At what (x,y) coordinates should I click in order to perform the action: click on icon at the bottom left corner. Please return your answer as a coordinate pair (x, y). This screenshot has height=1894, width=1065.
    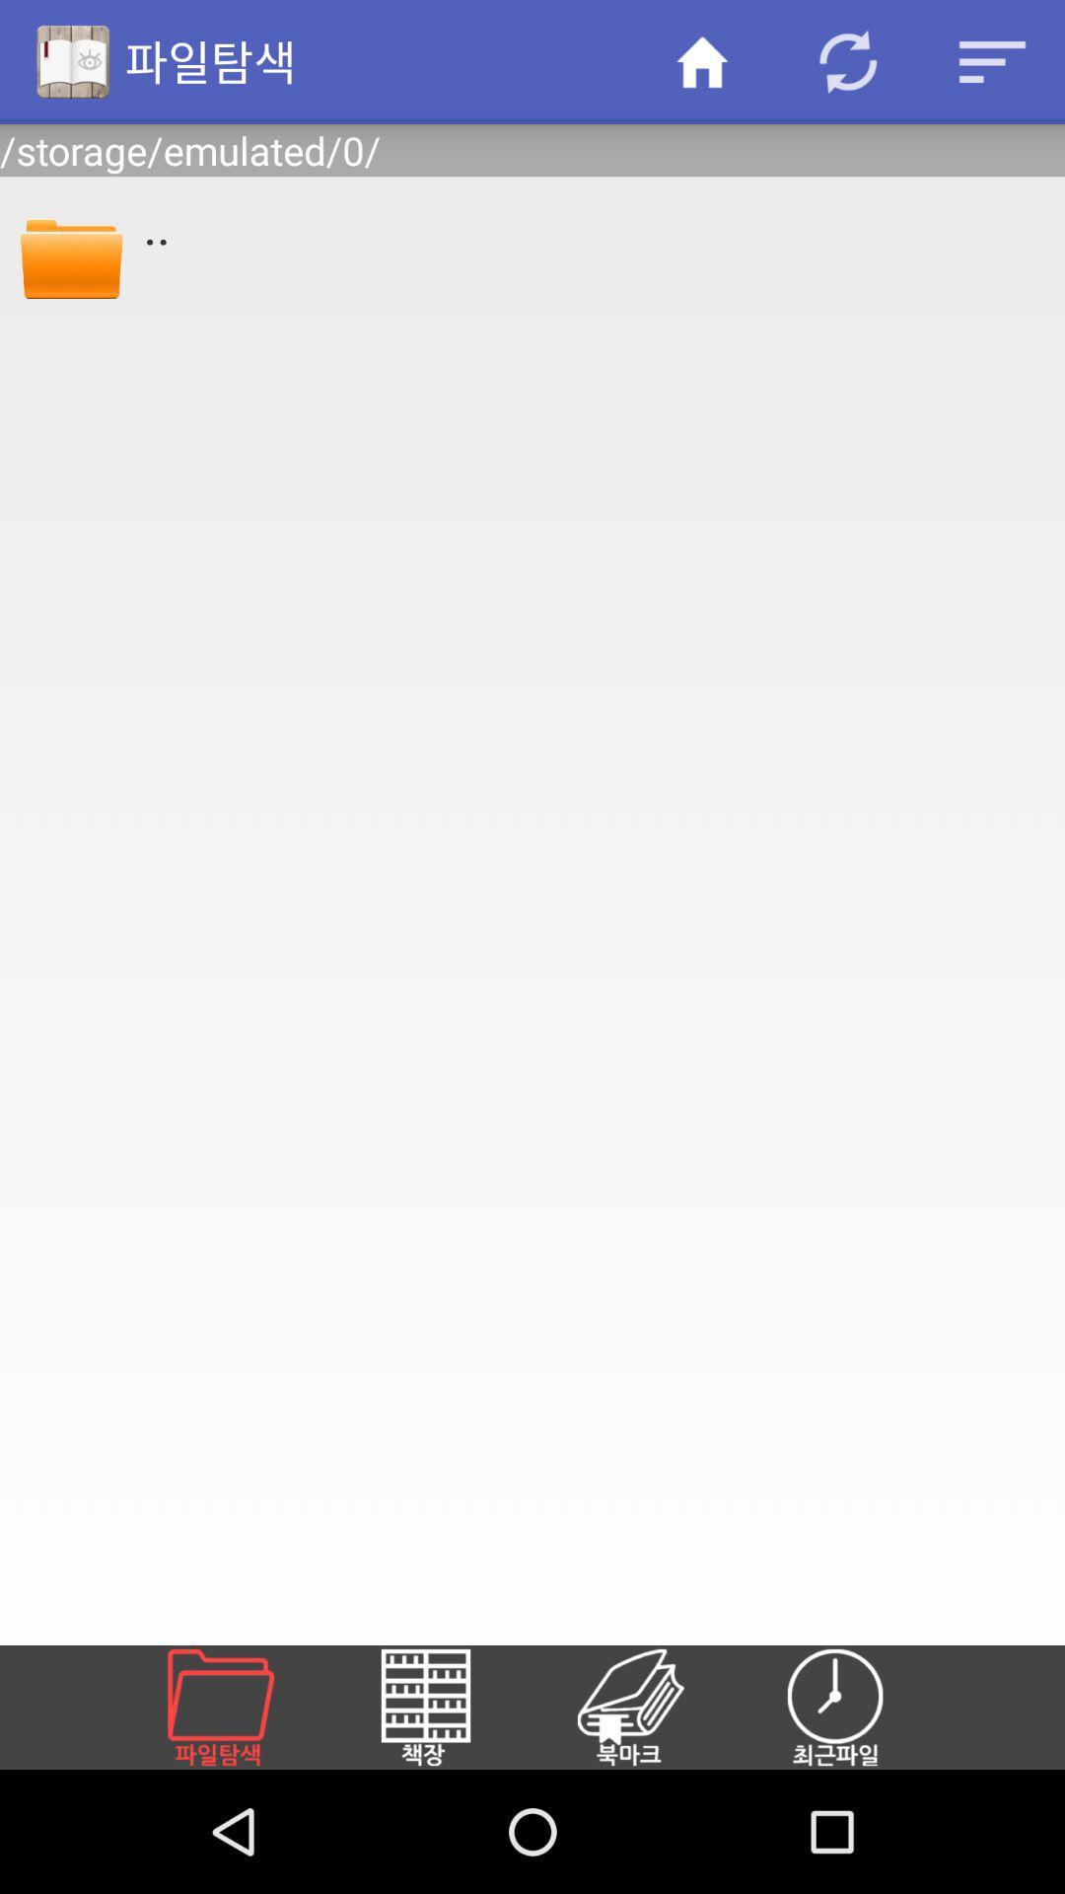
    Looking at the image, I should click on (243, 1707).